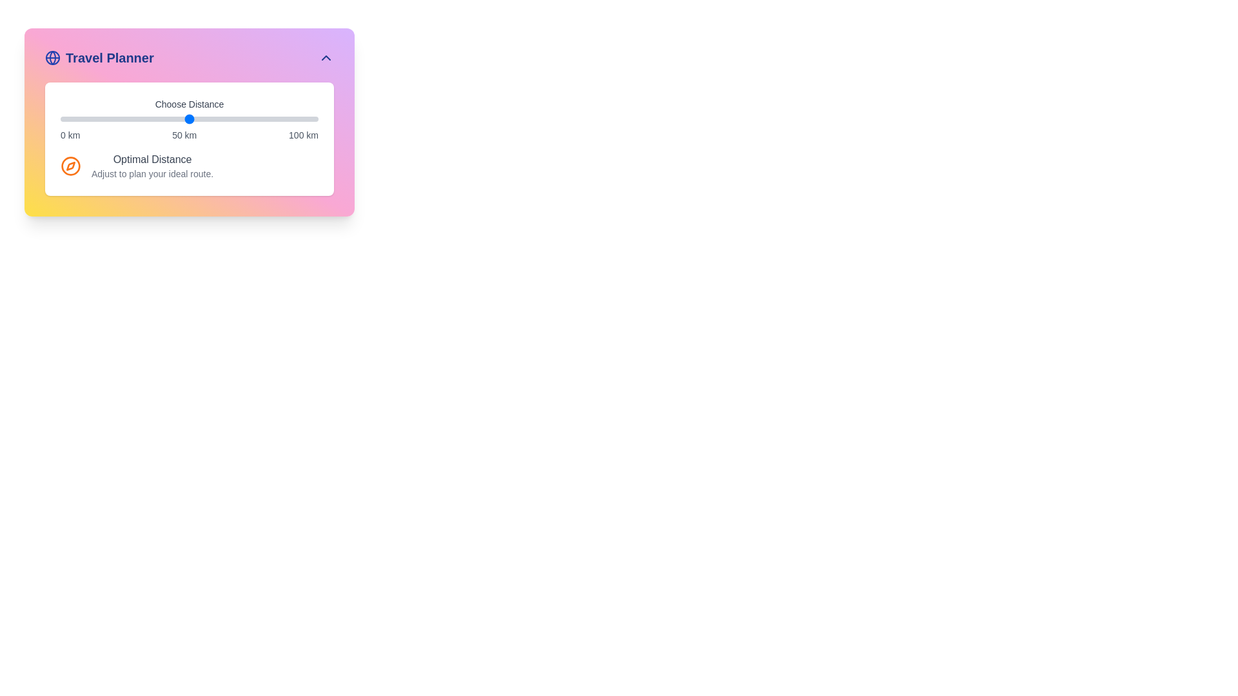 This screenshot has width=1238, height=696. What do you see at coordinates (60, 119) in the screenshot?
I see `the slider` at bounding box center [60, 119].